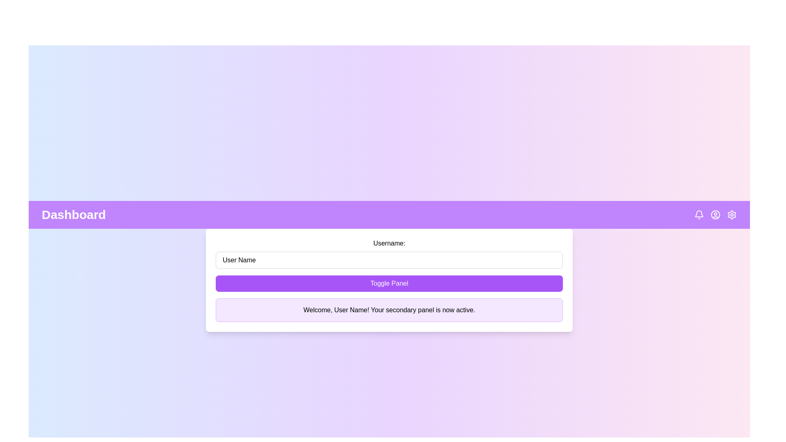  What do you see at coordinates (74, 214) in the screenshot?
I see `the large, bold text label displaying 'Dashboard' located on the left end of the purple header bar at the top of the interface` at bounding box center [74, 214].